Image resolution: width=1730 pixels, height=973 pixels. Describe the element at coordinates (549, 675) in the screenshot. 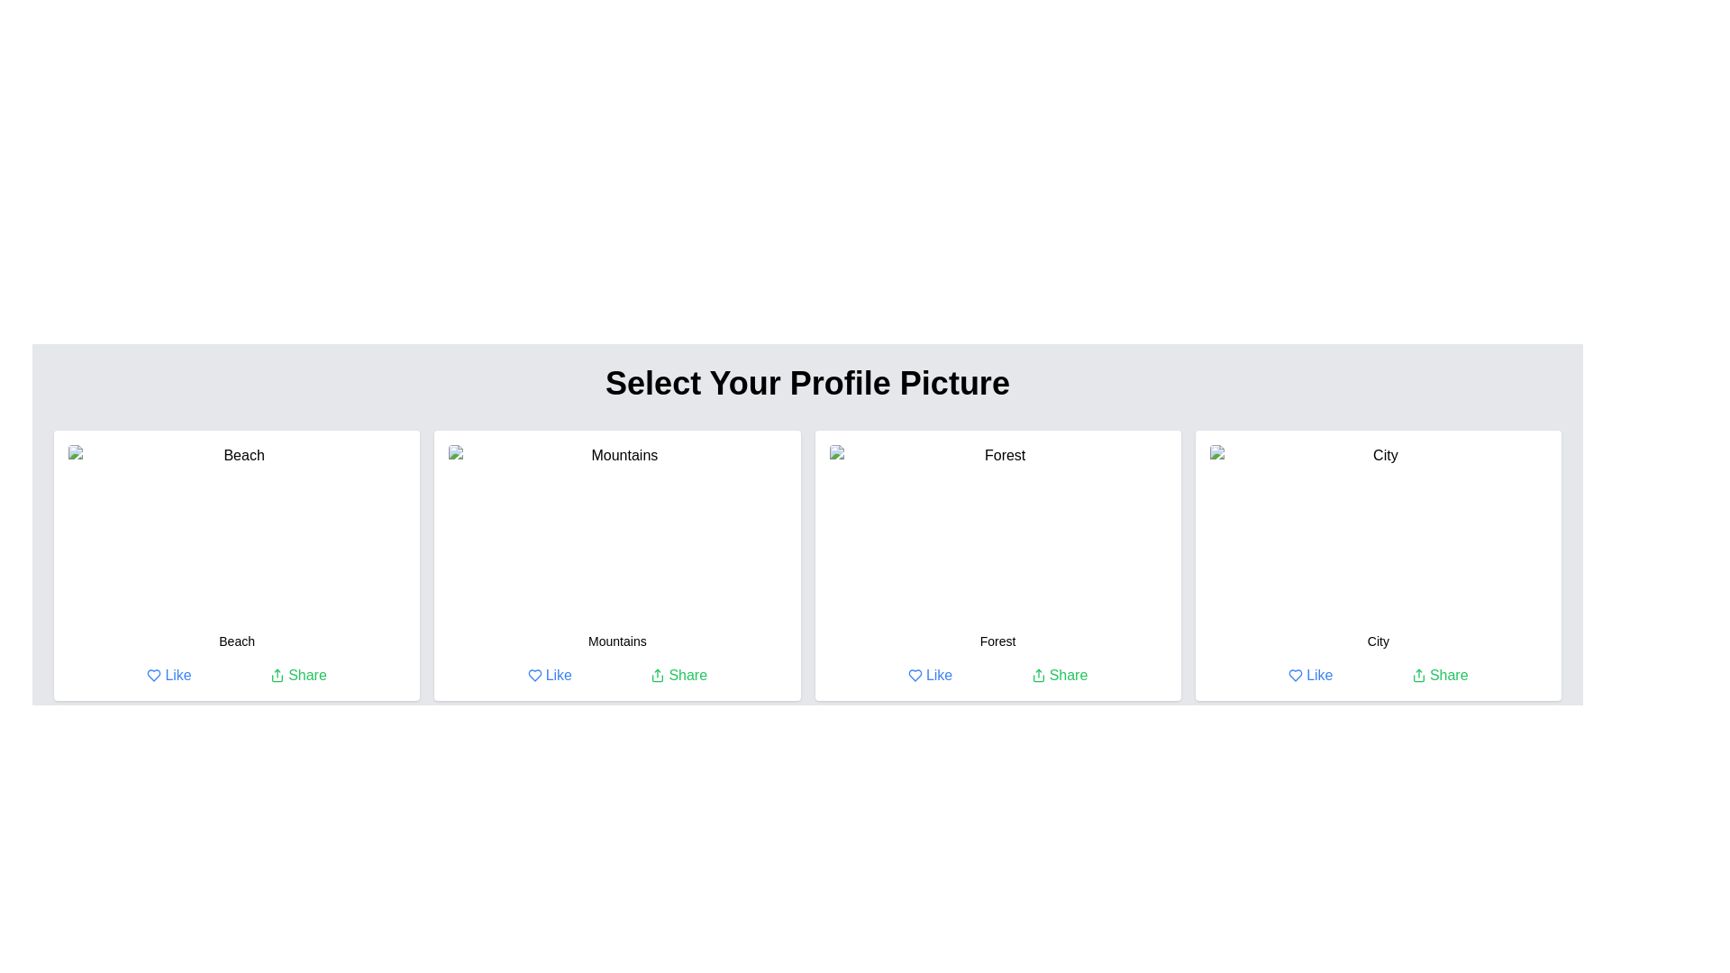

I see `the 'Like' button located in the second card labeled 'Mountains', positioned above the 'Share' button` at that location.